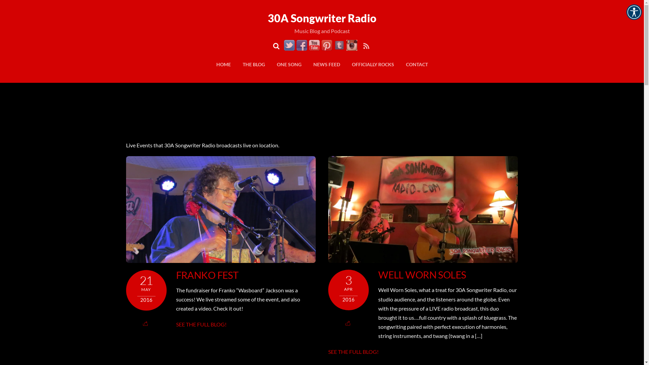 The image size is (649, 365). What do you see at coordinates (346, 64) in the screenshot?
I see `'OFFICIALLY ROCKS'` at bounding box center [346, 64].